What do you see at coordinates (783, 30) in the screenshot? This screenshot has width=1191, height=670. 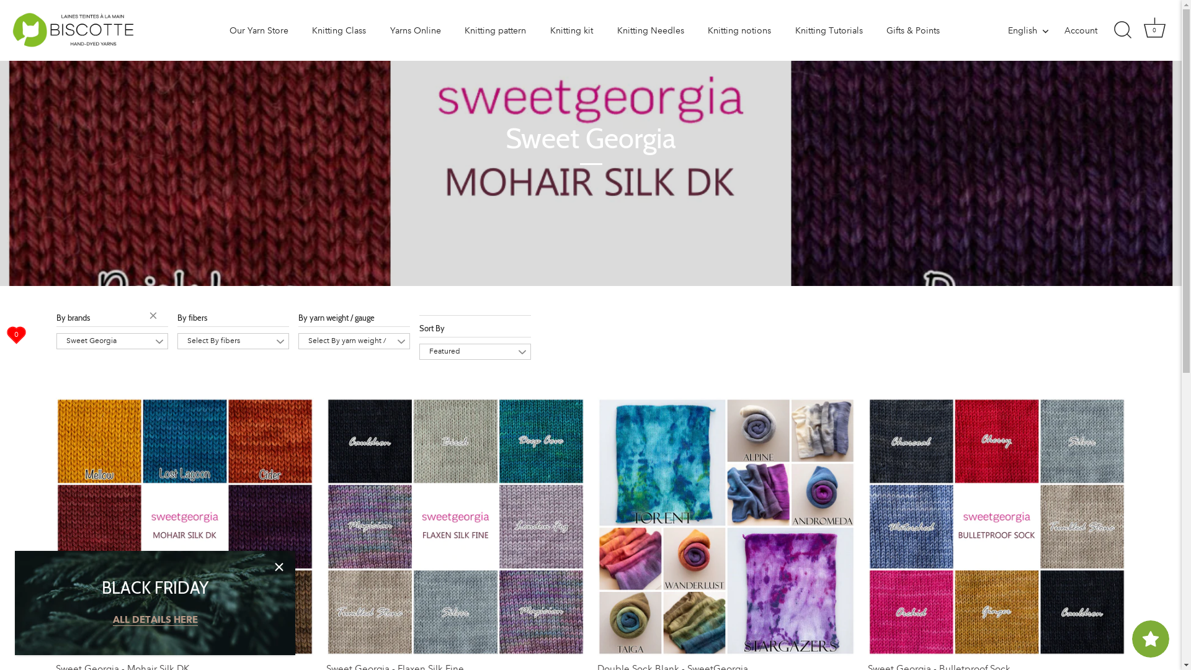 I see `'Knitting Tutorials'` at bounding box center [783, 30].